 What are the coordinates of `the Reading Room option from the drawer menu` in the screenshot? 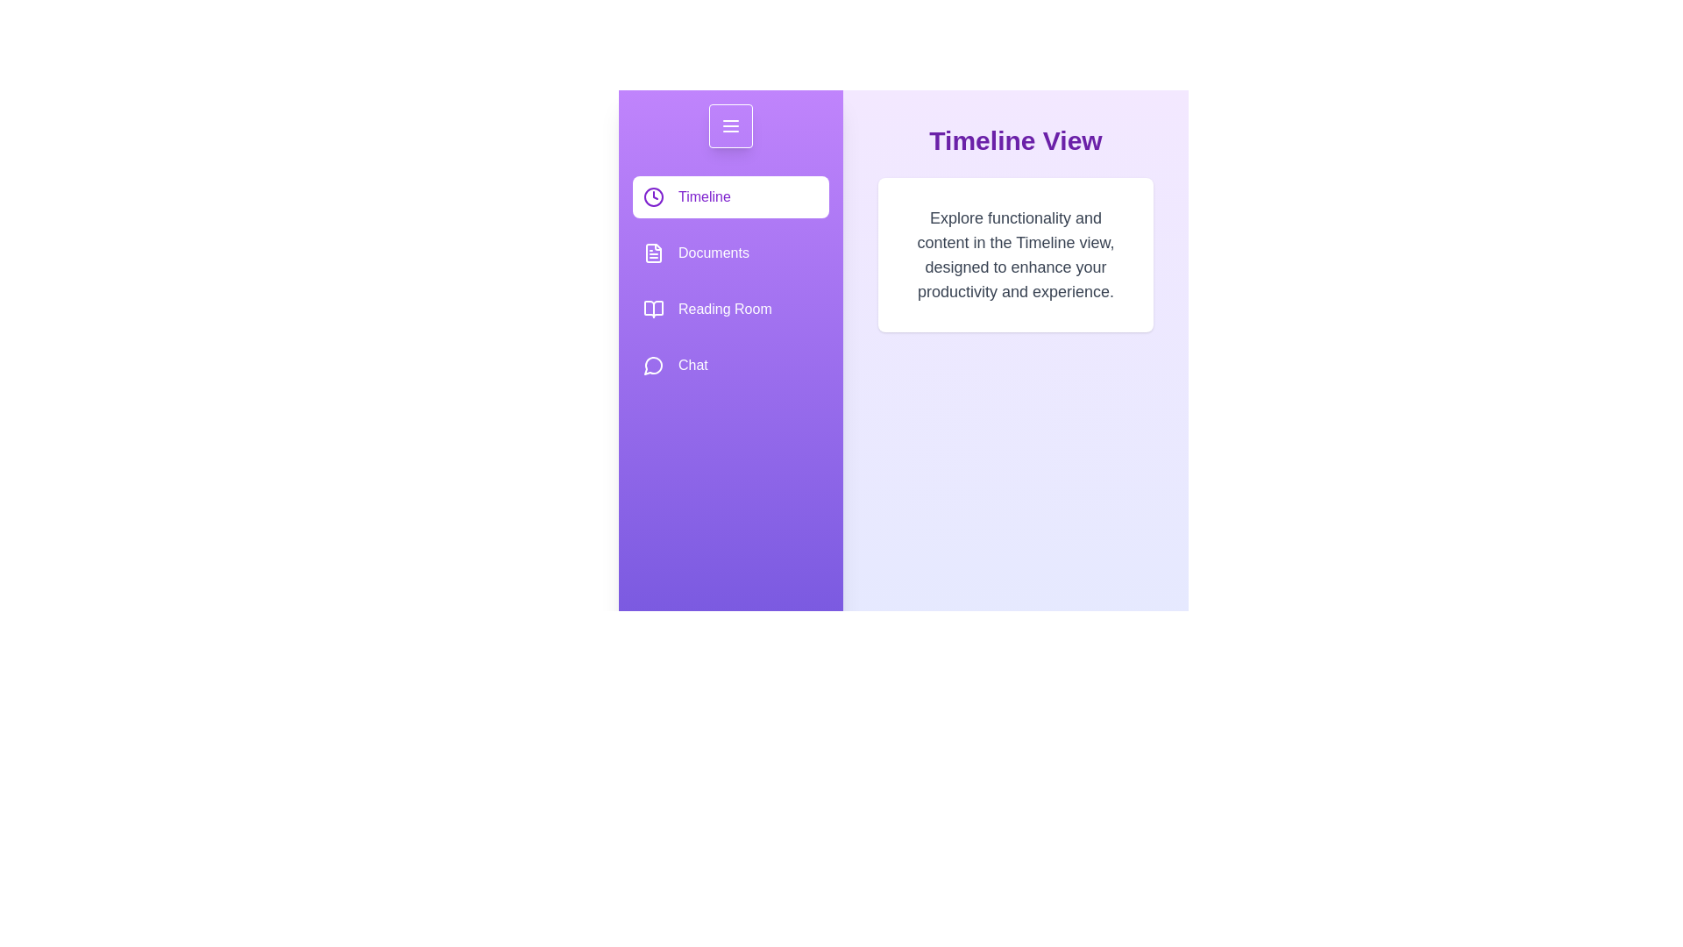 It's located at (731, 309).